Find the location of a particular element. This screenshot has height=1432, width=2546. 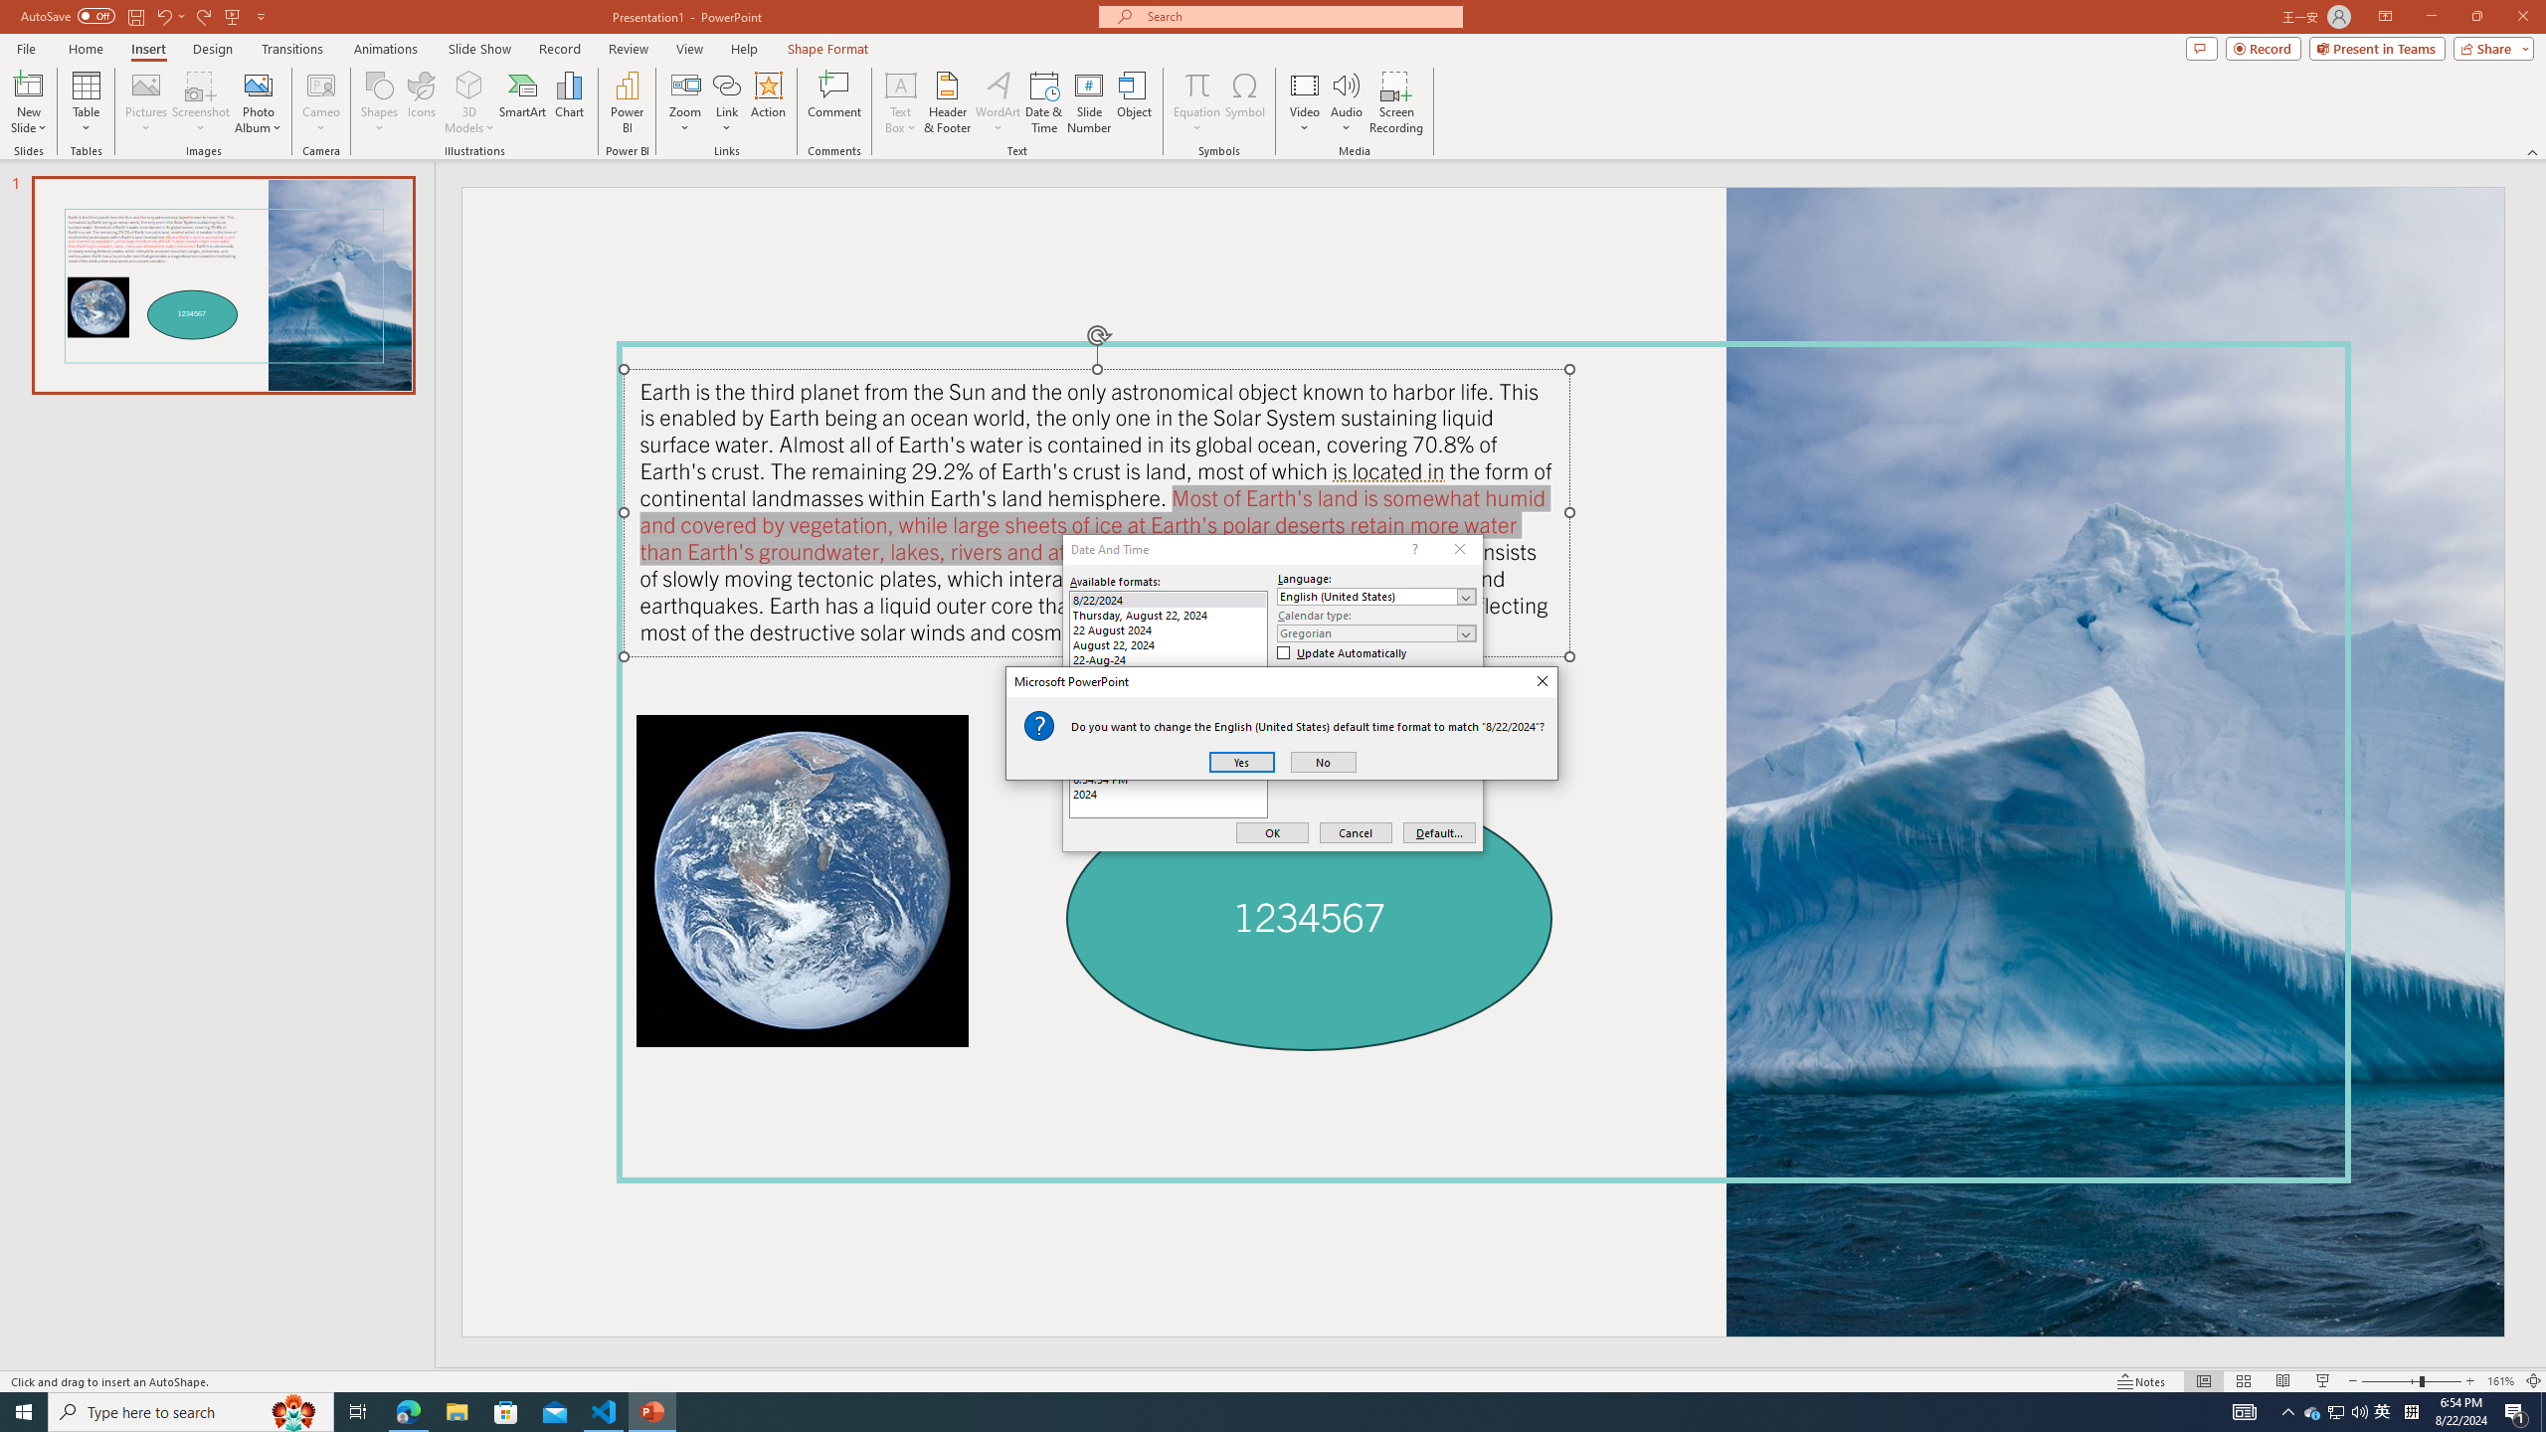

'Search highlights icon opens search home window' is located at coordinates (292, 1410).